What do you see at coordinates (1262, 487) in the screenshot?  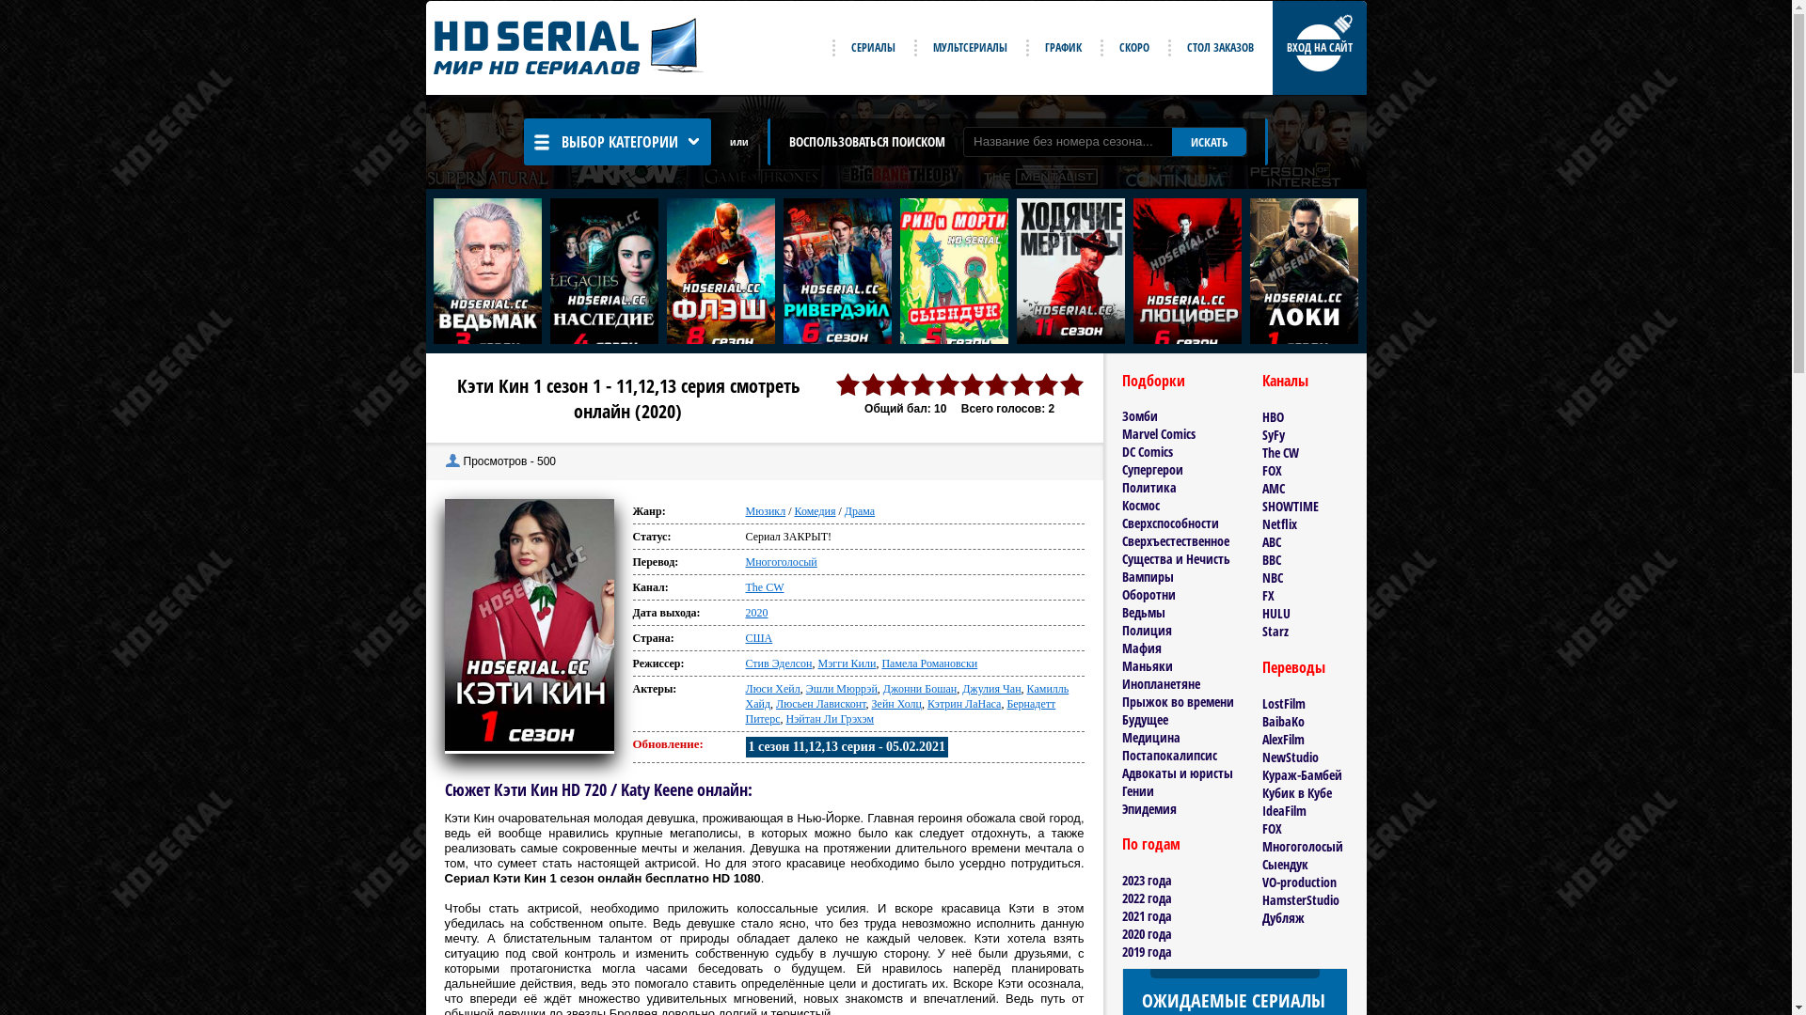 I see `'AMC'` at bounding box center [1262, 487].